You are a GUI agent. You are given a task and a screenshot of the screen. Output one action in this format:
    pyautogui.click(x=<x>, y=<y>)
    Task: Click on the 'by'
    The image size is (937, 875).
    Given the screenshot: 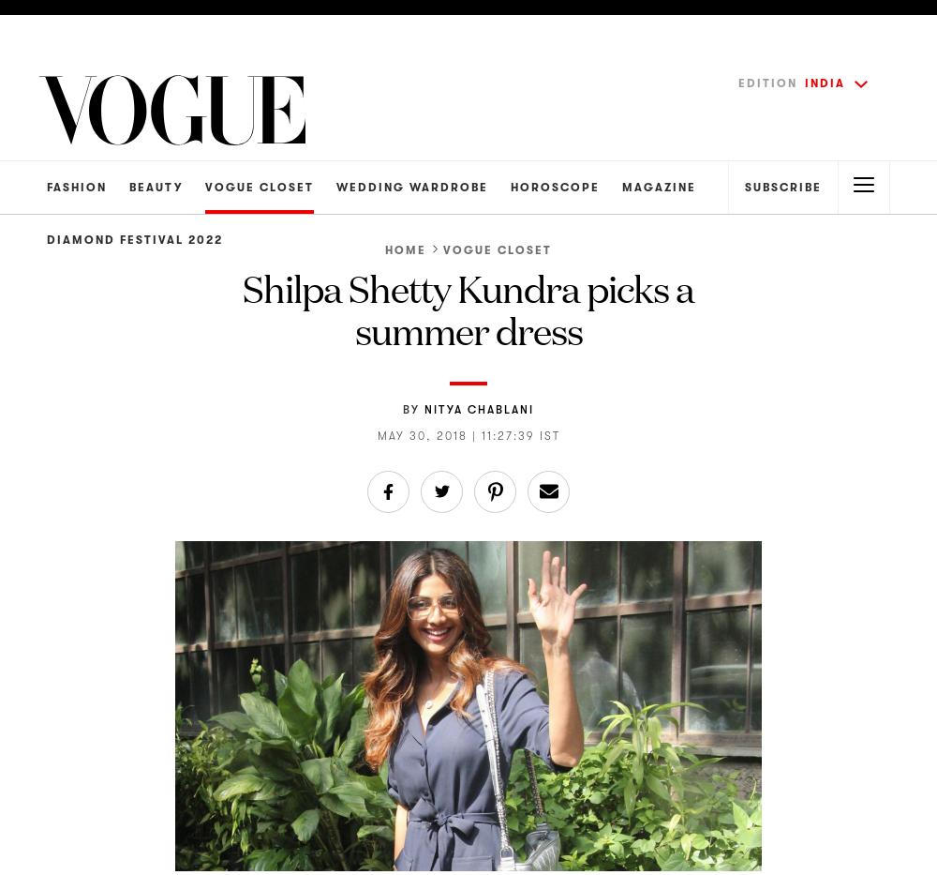 What is the action you would take?
    pyautogui.click(x=410, y=407)
    